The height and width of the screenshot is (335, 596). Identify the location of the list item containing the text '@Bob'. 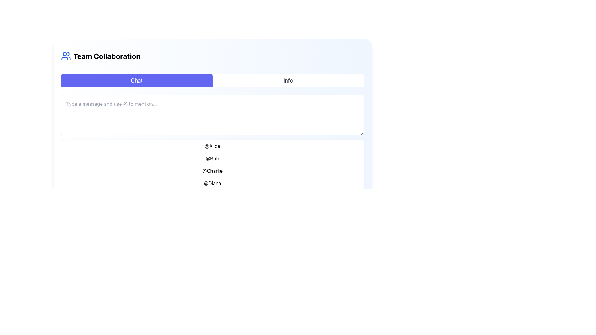
(212, 158).